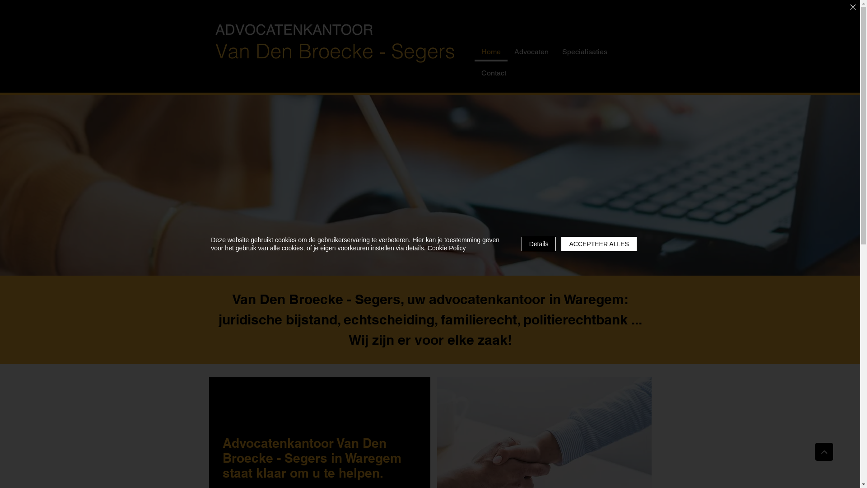  What do you see at coordinates (585, 52) in the screenshot?
I see `'Specialisaties'` at bounding box center [585, 52].